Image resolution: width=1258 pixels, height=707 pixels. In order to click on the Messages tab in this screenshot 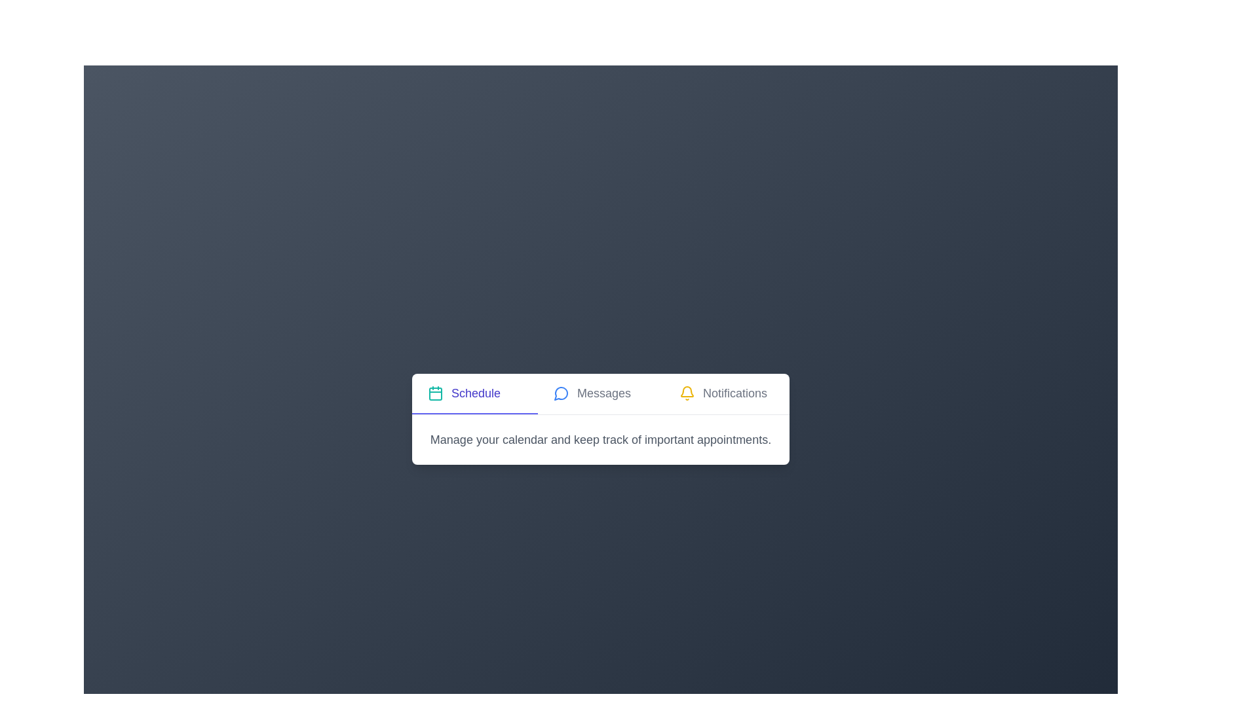, I will do `click(600, 393)`.